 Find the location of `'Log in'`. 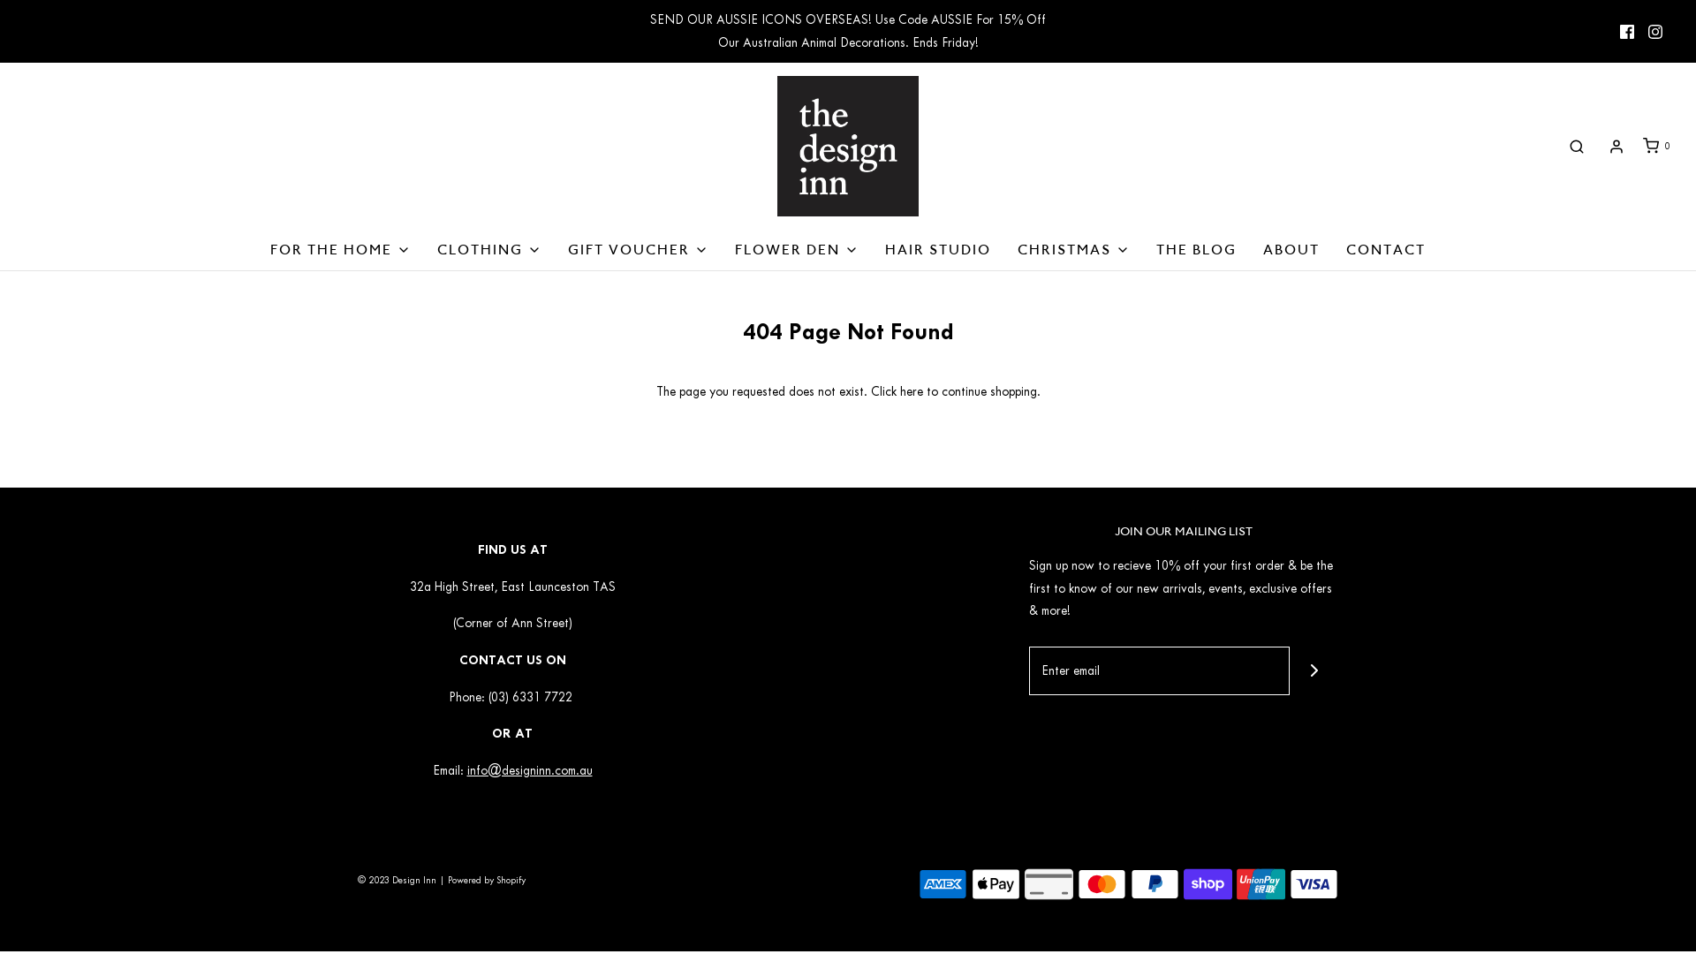

'Log in' is located at coordinates (1616, 145).